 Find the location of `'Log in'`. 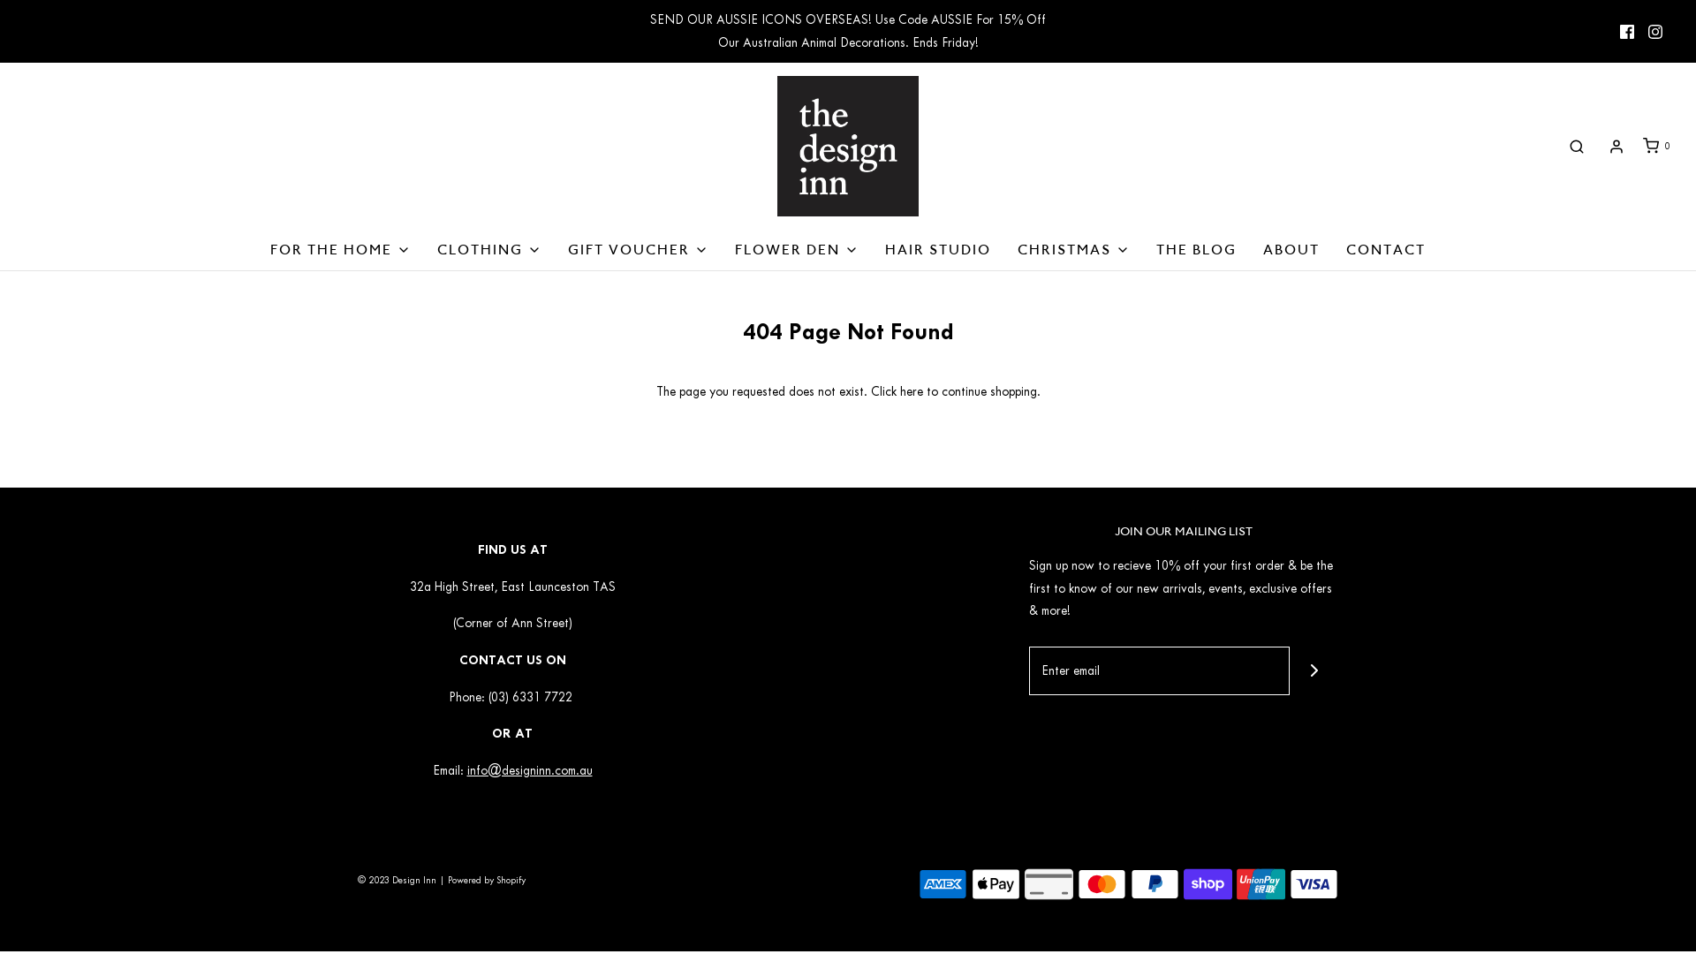

'Log in' is located at coordinates (1616, 145).